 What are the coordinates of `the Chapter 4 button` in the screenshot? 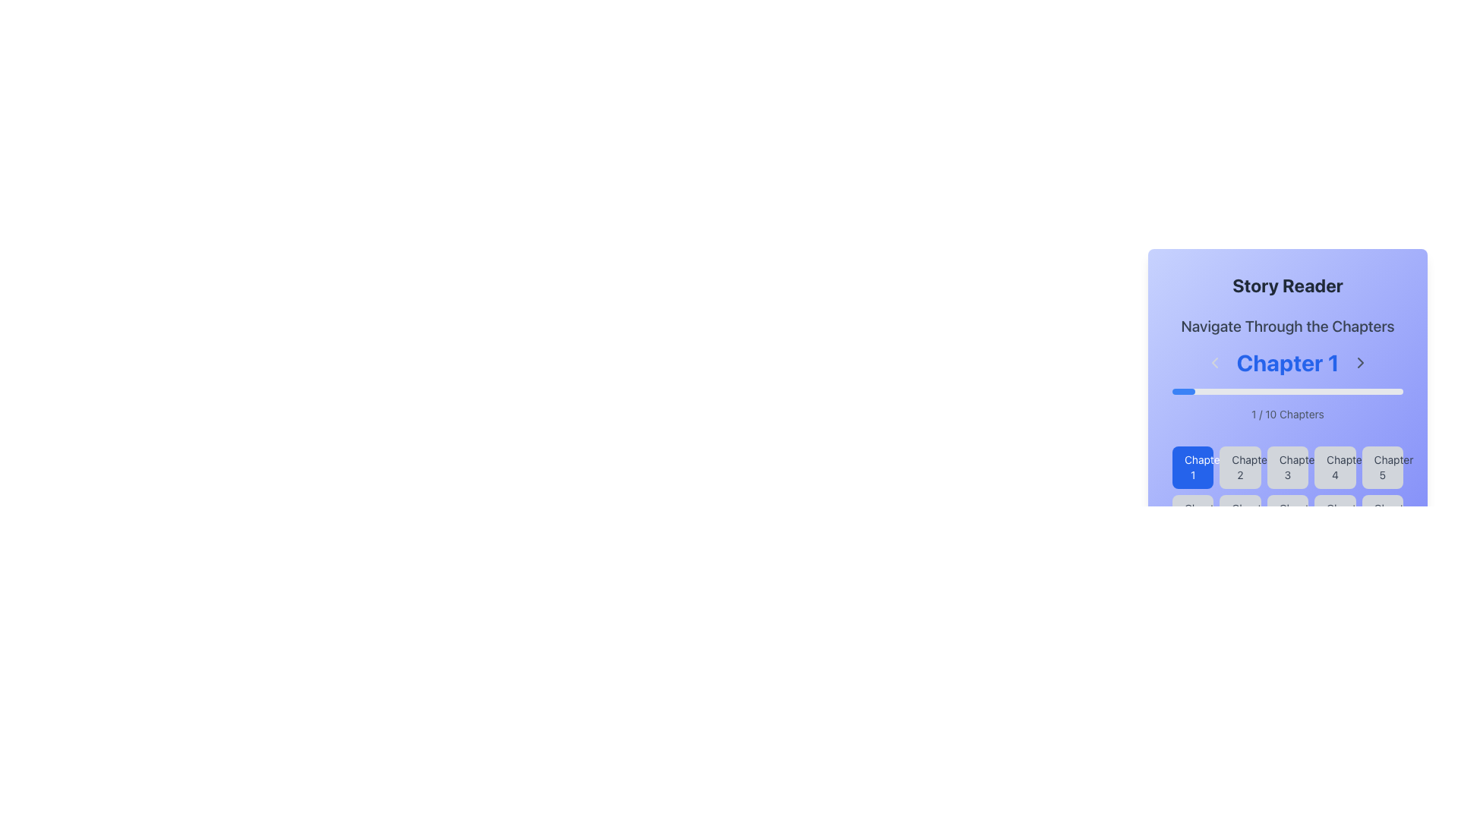 It's located at (1334, 467).